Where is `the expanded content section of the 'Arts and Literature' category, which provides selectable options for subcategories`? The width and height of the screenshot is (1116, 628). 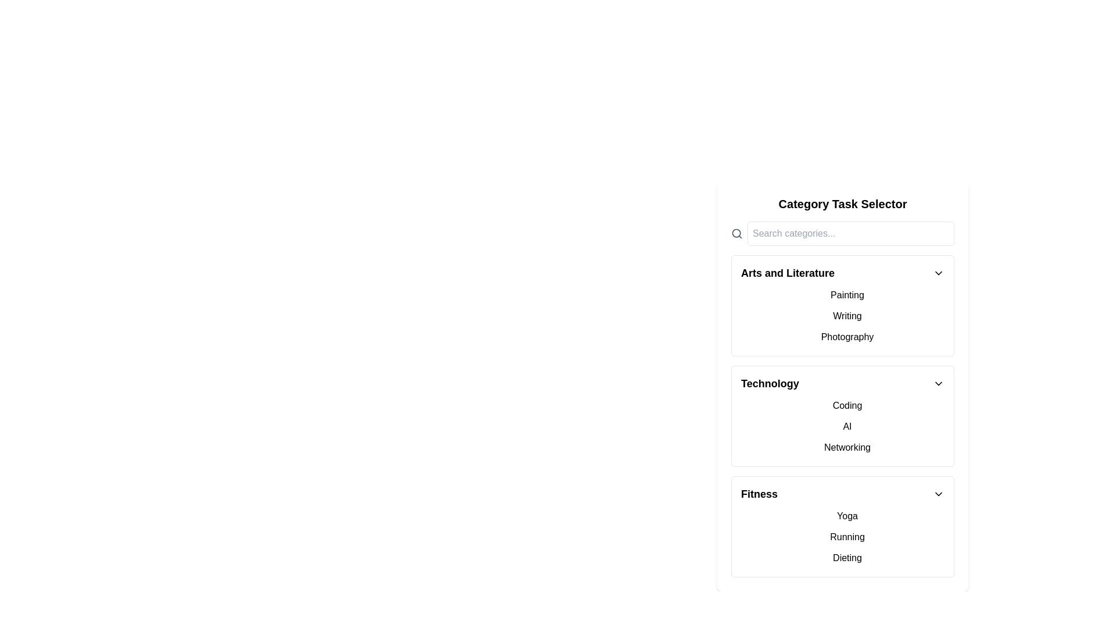
the expanded content section of the 'Arts and Literature' category, which provides selectable options for subcategories is located at coordinates (842, 316).